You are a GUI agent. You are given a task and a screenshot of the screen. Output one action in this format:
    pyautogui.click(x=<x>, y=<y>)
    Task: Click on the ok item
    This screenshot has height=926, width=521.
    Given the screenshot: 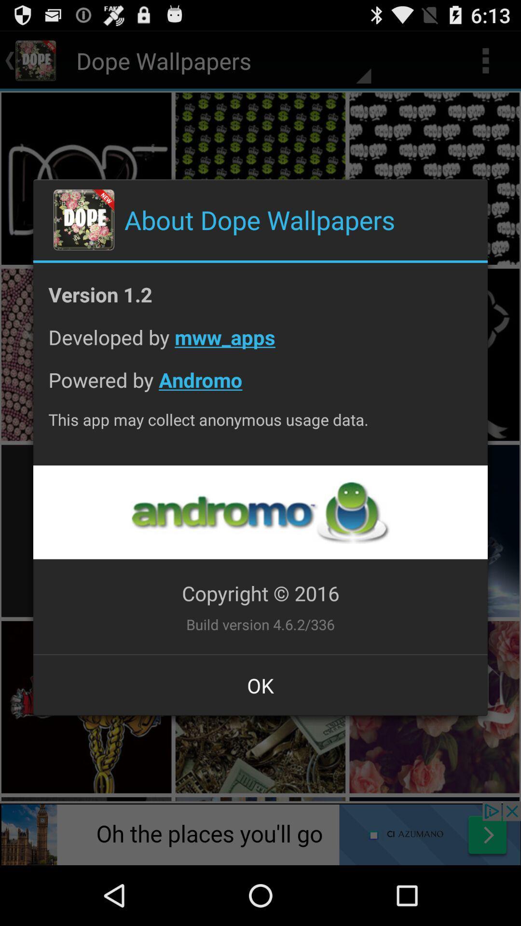 What is the action you would take?
    pyautogui.click(x=260, y=685)
    